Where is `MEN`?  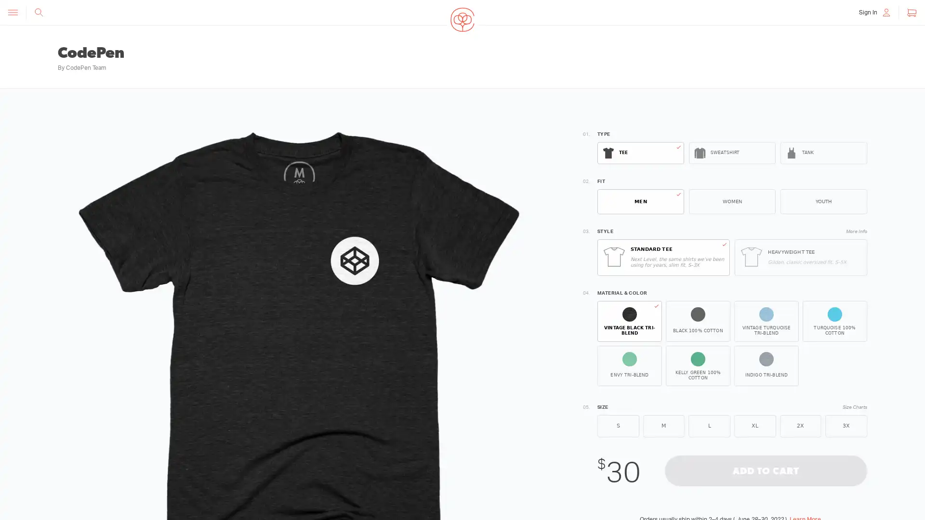
MEN is located at coordinates (640, 201).